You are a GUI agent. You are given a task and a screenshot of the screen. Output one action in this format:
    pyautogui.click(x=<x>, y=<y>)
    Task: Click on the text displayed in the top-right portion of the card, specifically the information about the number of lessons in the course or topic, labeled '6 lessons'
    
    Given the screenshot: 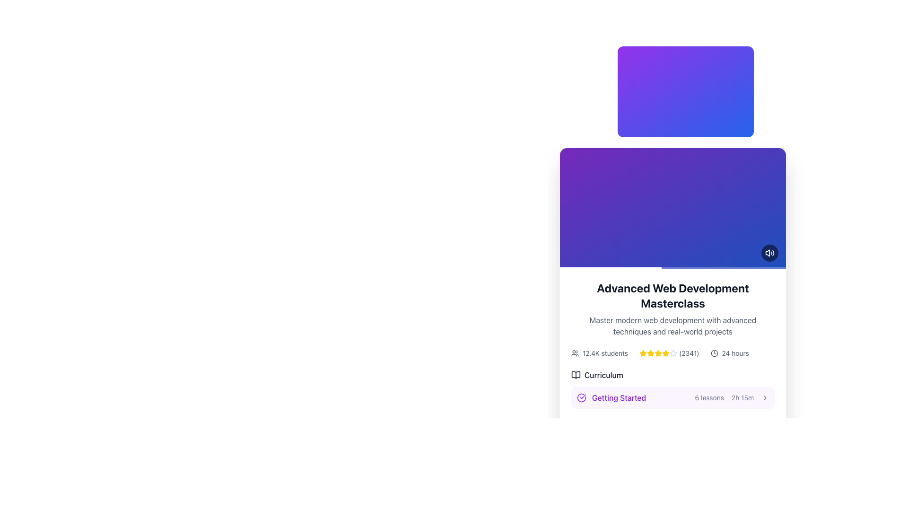 What is the action you would take?
    pyautogui.click(x=709, y=397)
    